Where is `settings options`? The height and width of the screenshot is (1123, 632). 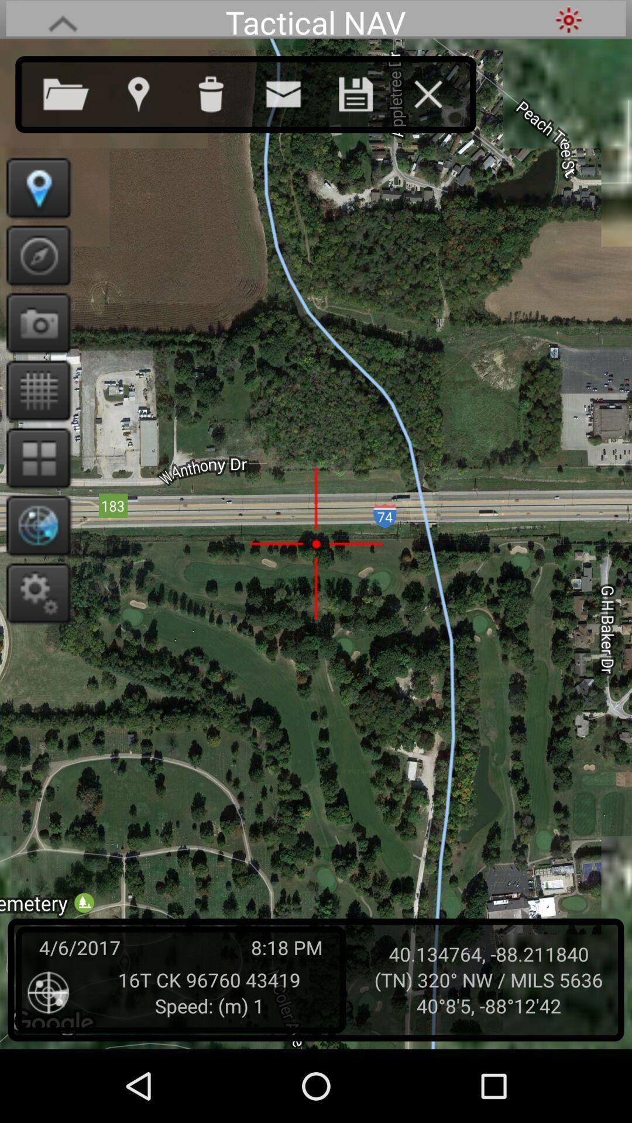 settings options is located at coordinates (34, 592).